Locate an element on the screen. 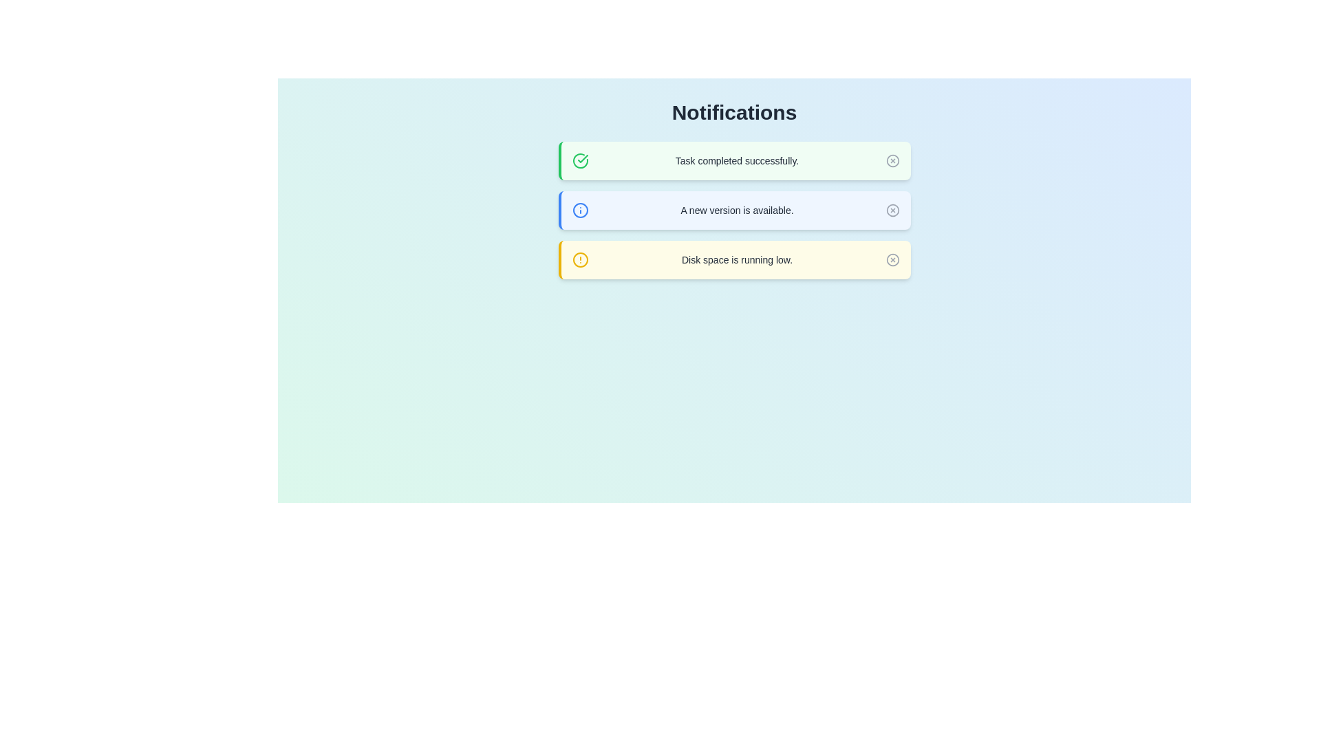 This screenshot has width=1321, height=743. close button for the notification with message 'Disk space is running low.' is located at coordinates (892, 260).